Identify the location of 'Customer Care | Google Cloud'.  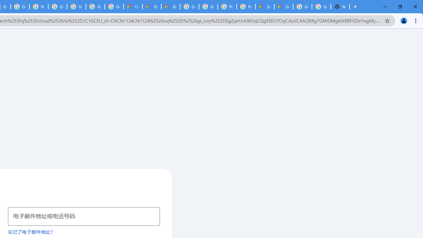
(133, 7).